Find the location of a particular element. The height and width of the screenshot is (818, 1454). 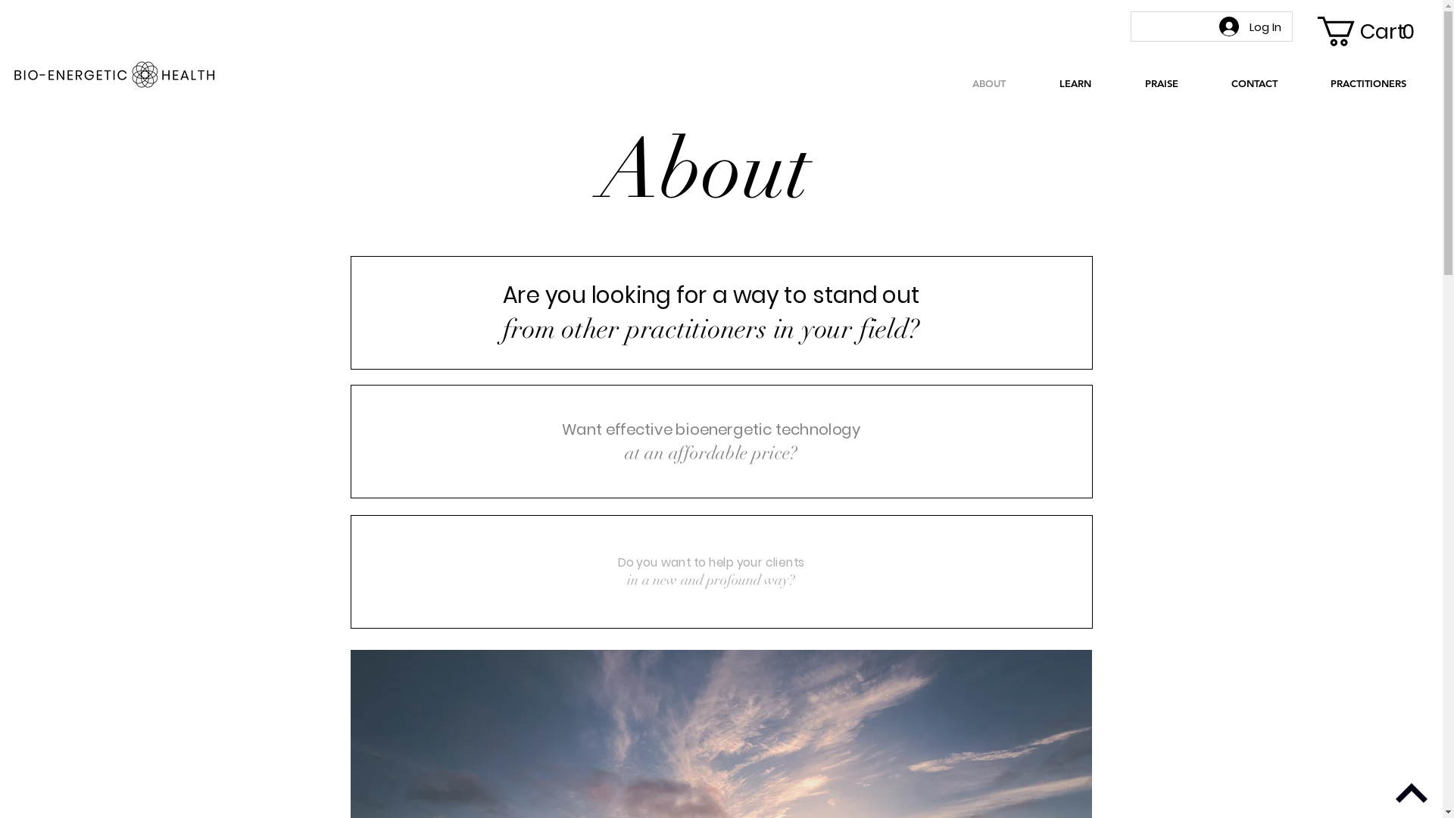

'Log In' is located at coordinates (1250, 26).